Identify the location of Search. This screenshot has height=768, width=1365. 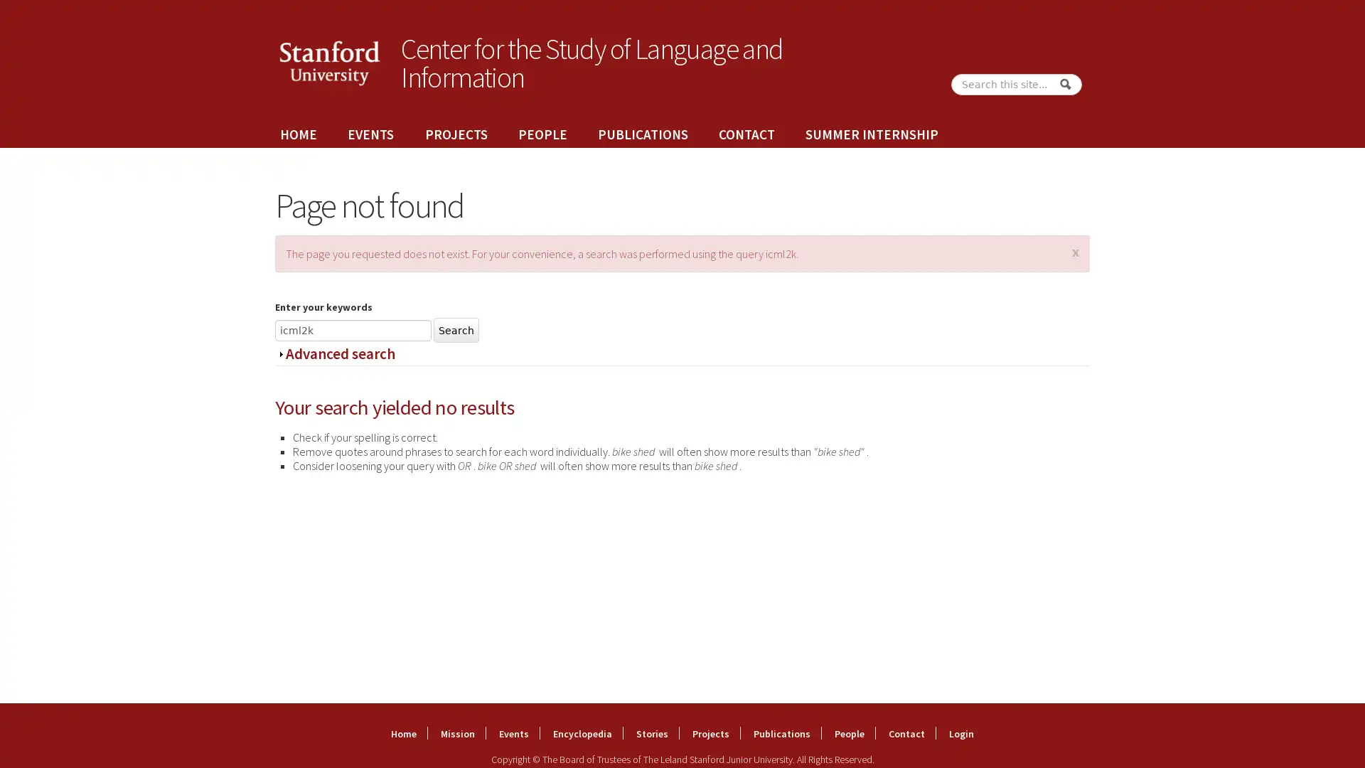
(456, 330).